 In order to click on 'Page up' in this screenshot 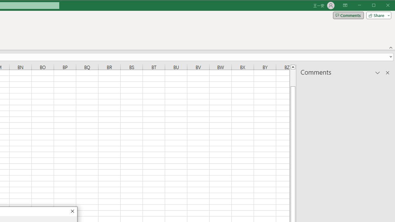, I will do `click(293, 77)`.